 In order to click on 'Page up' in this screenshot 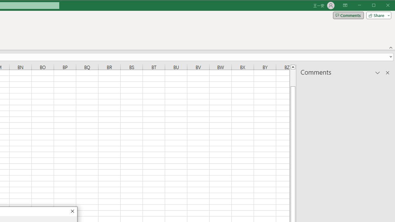, I will do `click(293, 77)`.